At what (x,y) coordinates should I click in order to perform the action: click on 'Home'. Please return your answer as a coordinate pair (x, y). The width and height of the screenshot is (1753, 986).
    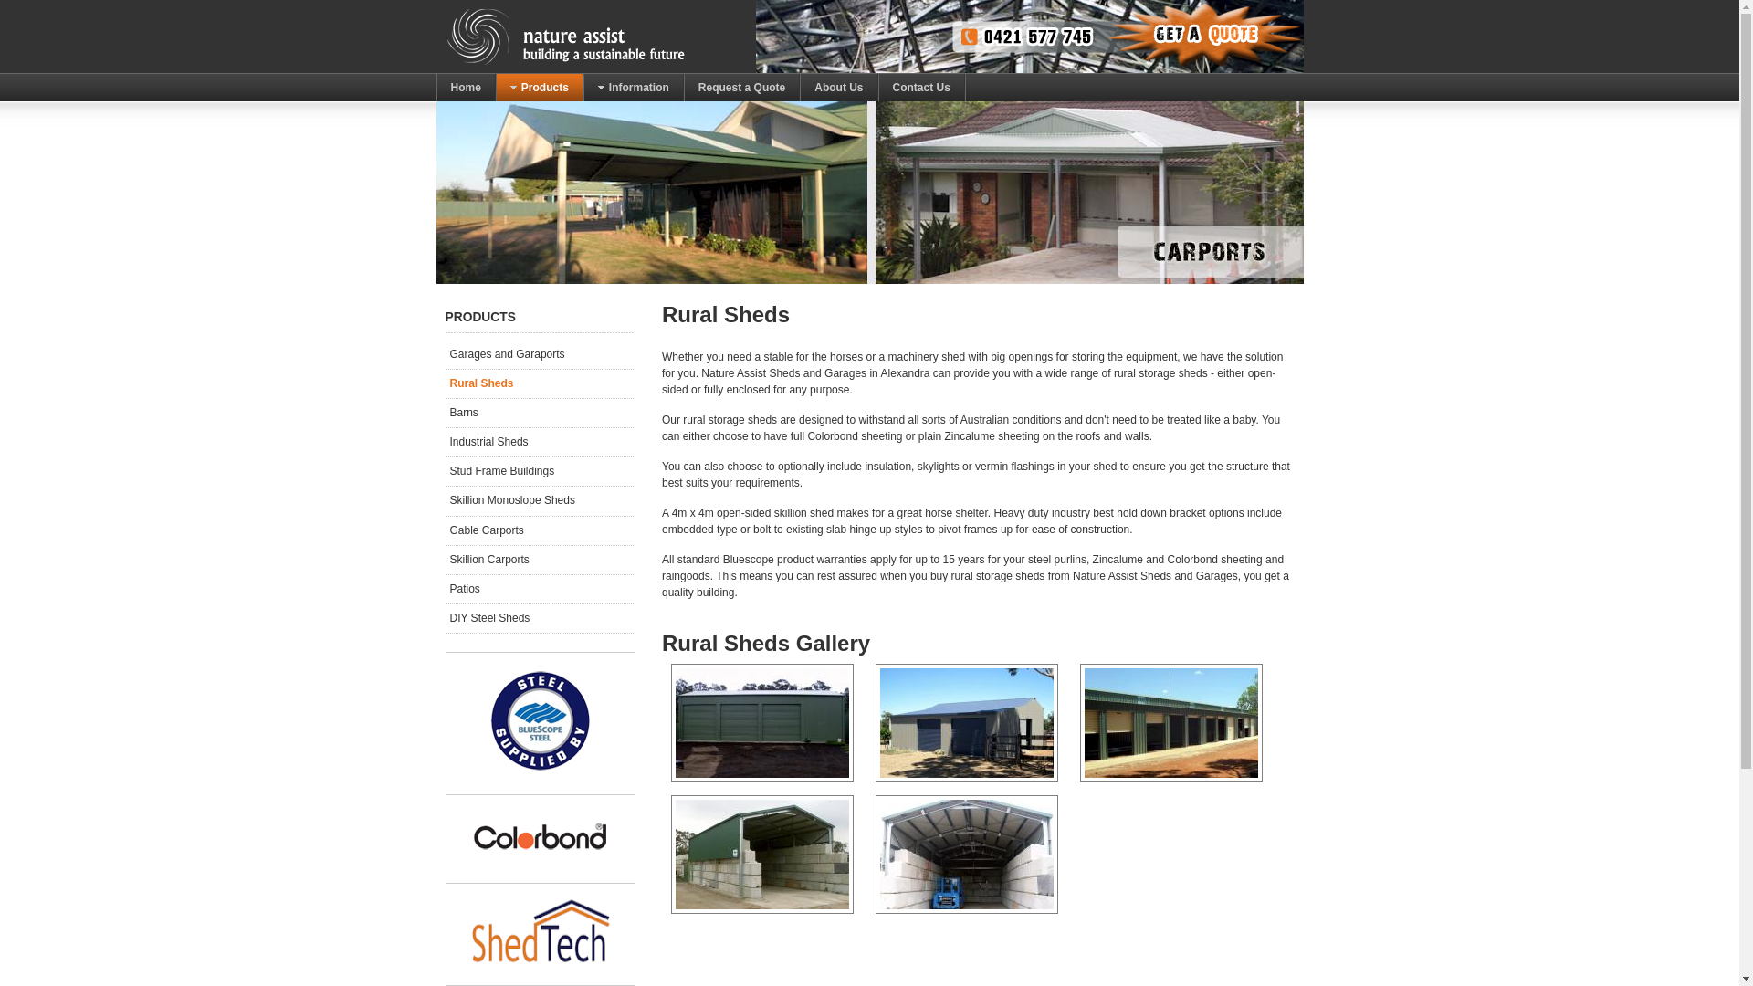
    Looking at the image, I should click on (466, 88).